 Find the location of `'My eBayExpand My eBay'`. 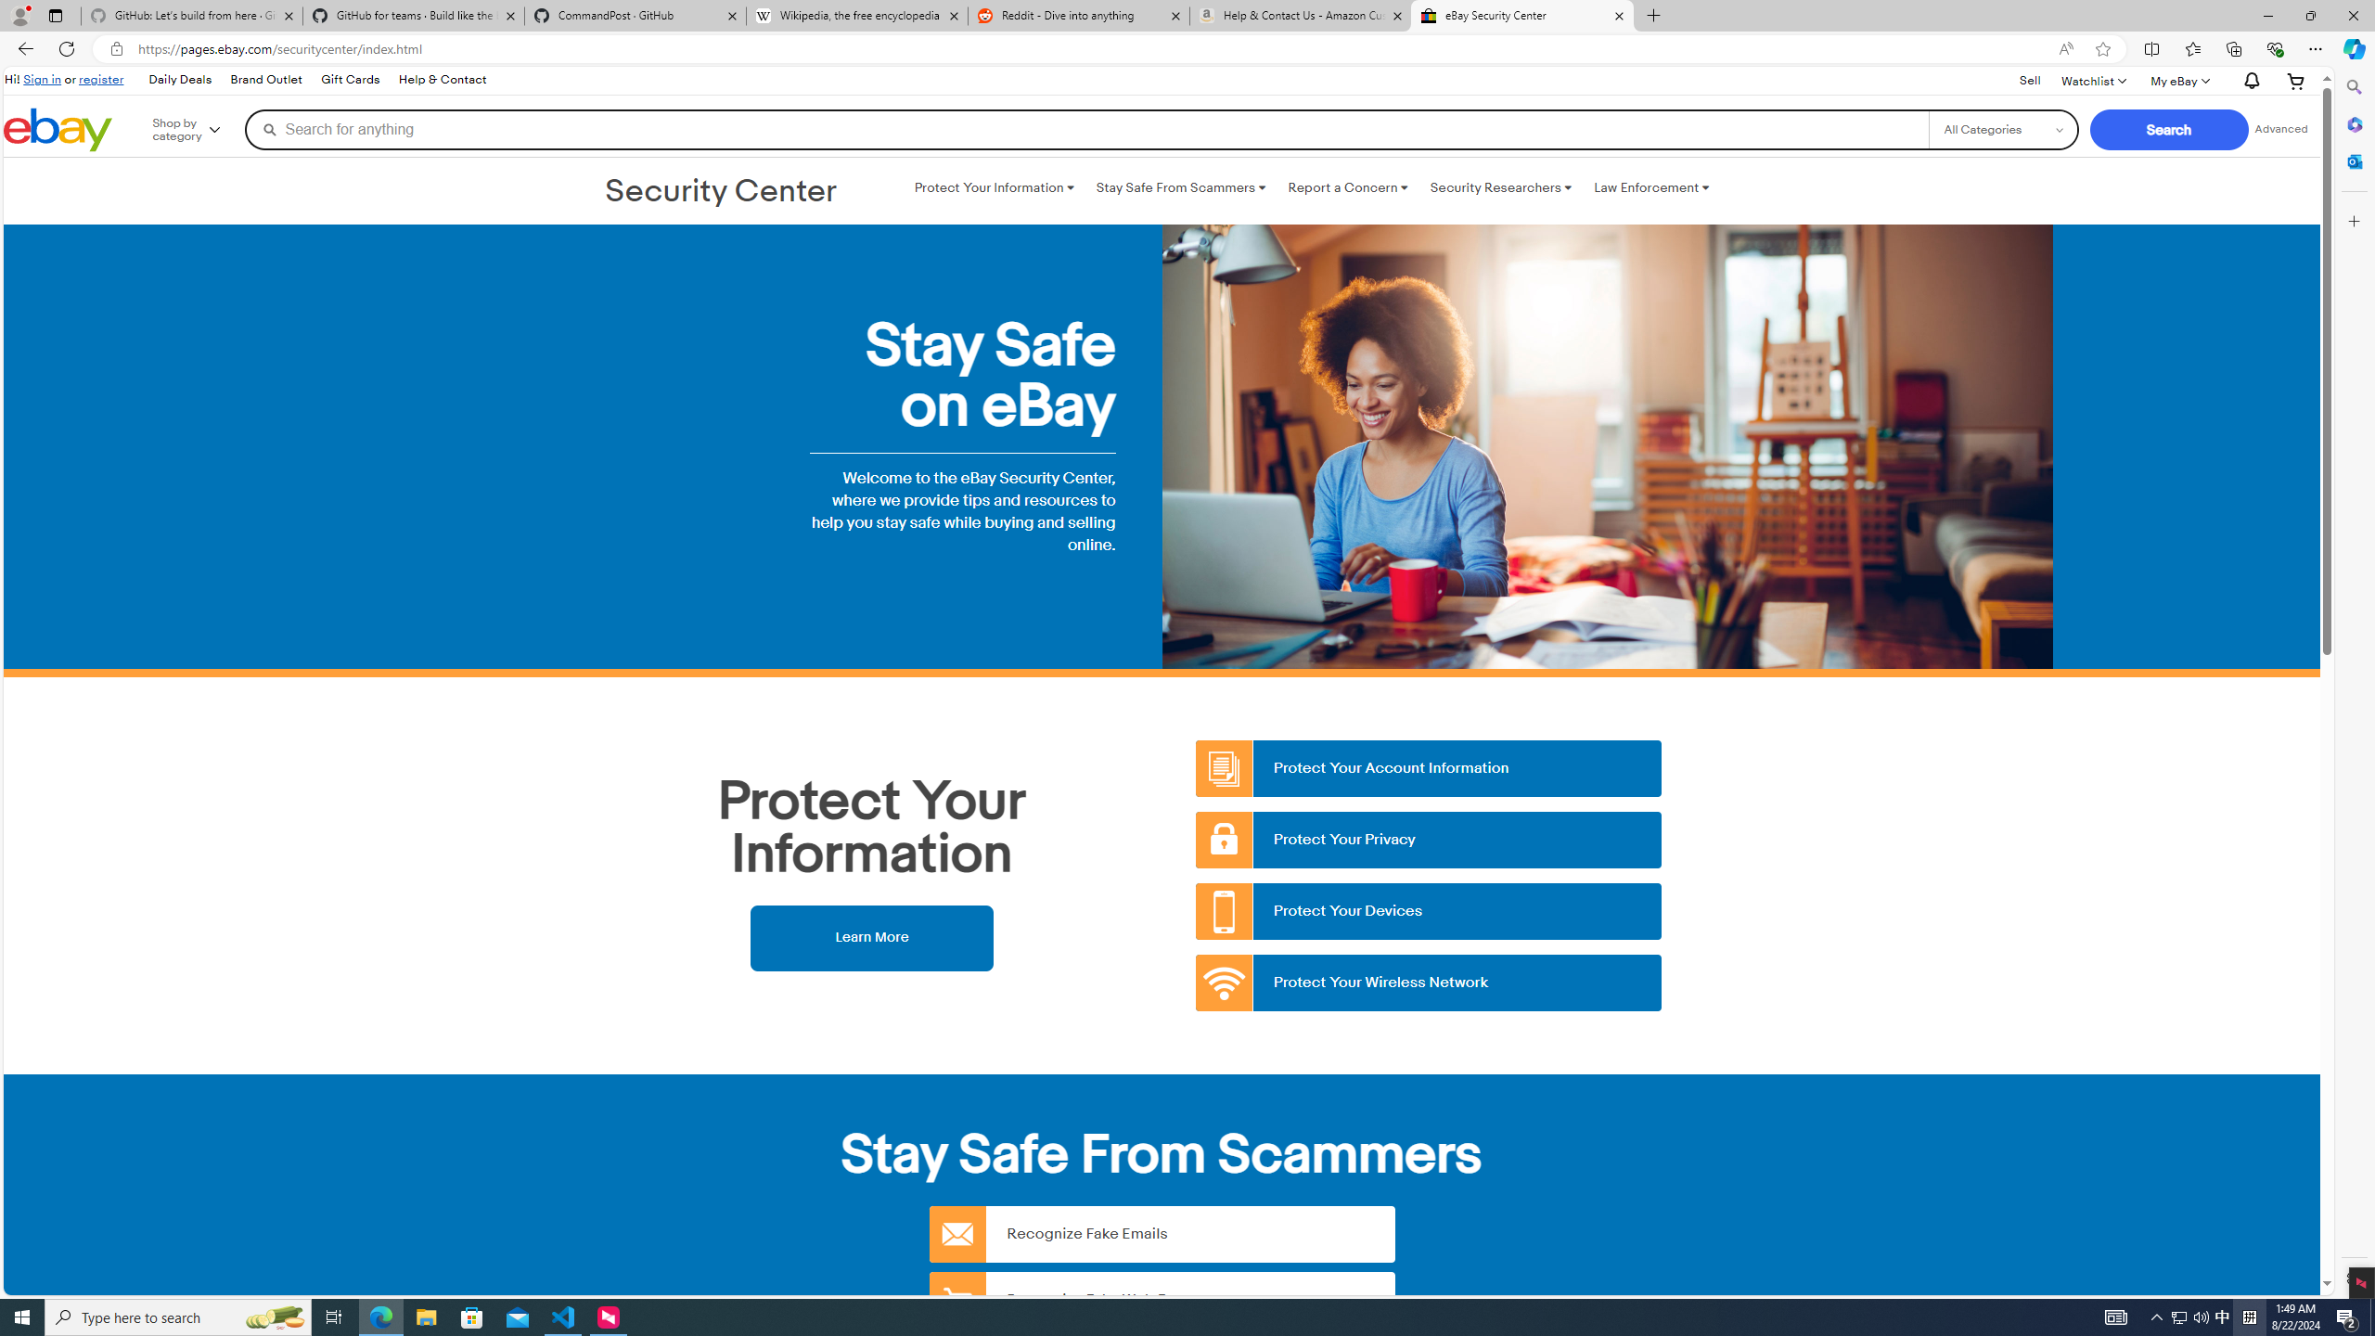

'My eBayExpand My eBay' is located at coordinates (2178, 81).